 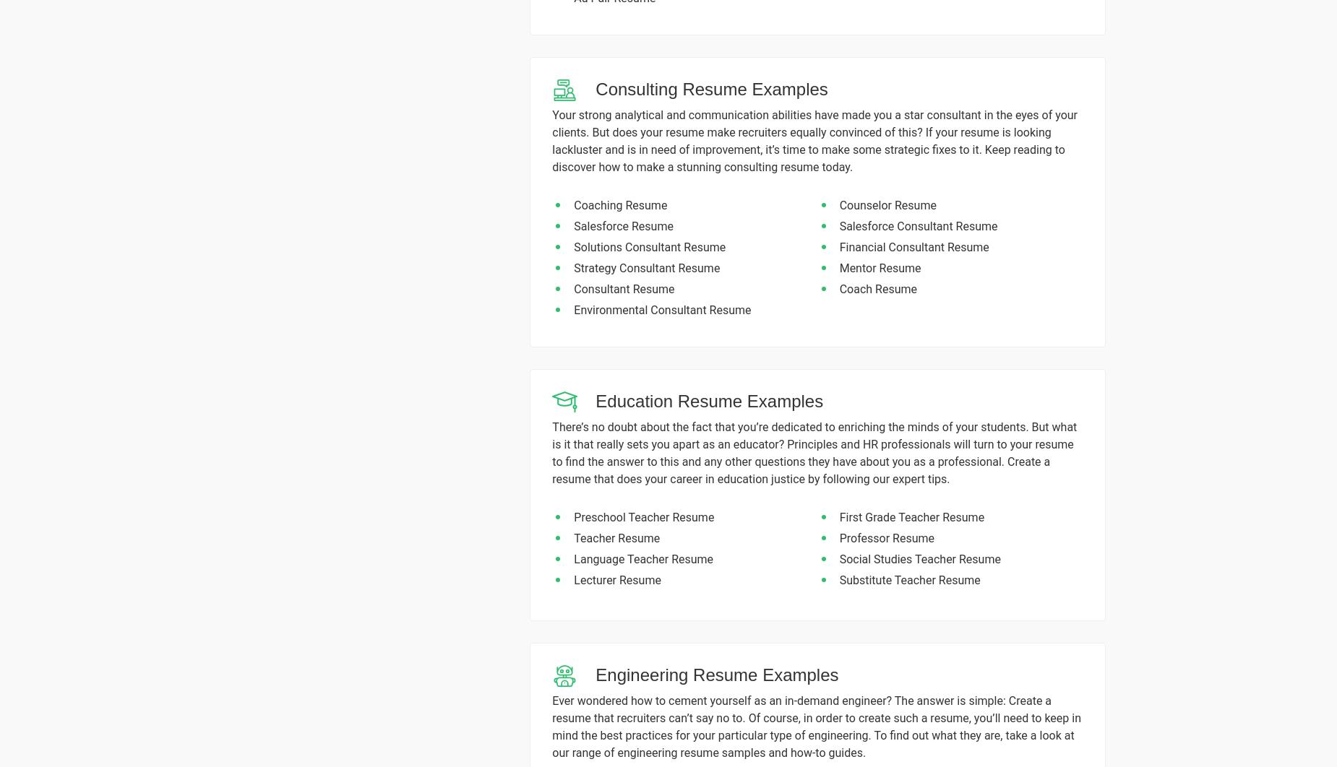 I want to click on 'Counselor Resume', so click(x=887, y=204).